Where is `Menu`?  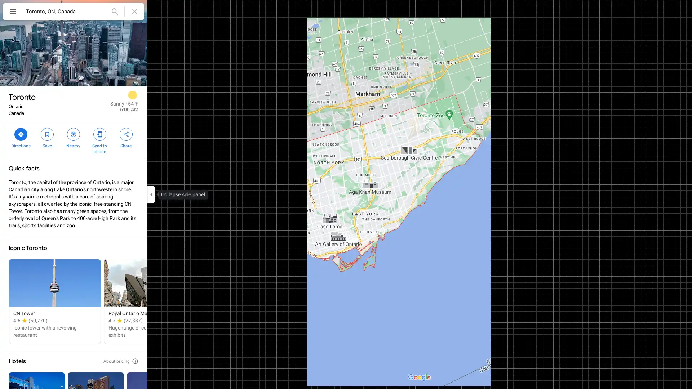 Menu is located at coordinates (13, 12).